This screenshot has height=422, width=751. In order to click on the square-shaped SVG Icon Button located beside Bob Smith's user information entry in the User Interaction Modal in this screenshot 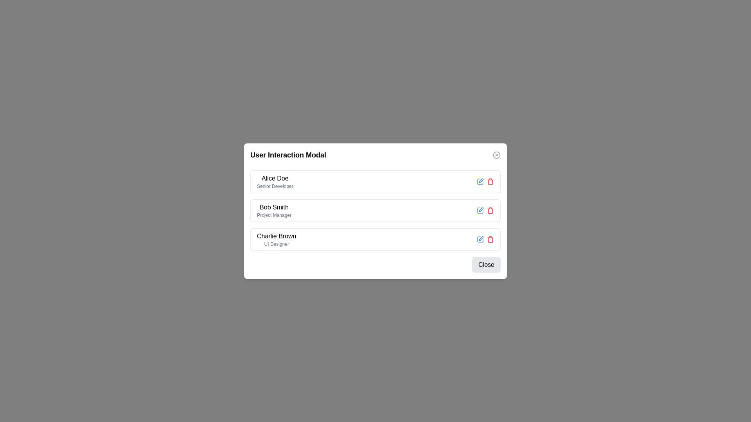, I will do `click(480, 210)`.